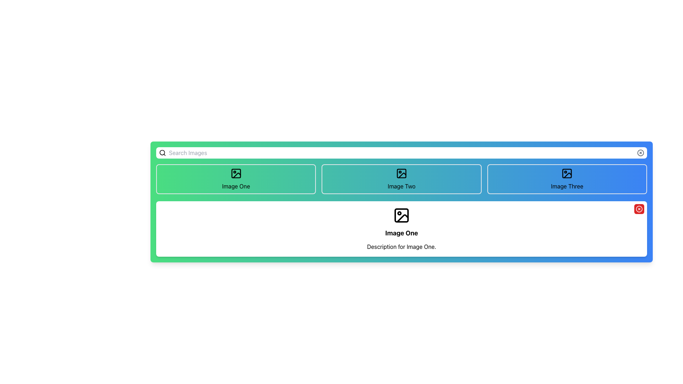  Describe the element at coordinates (236, 179) in the screenshot. I see `the button in the top-left corner of the grid` at that location.